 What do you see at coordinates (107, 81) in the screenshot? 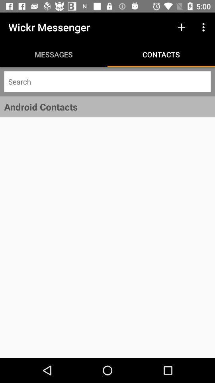
I see `the item above the android contacts` at bounding box center [107, 81].